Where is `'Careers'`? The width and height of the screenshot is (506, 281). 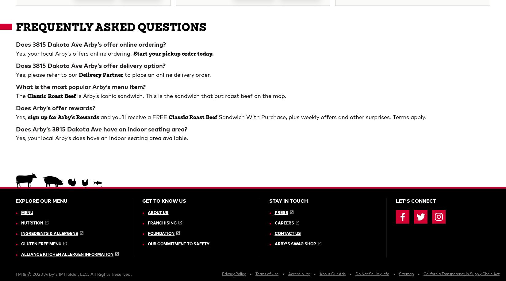 'Careers' is located at coordinates (284, 9).